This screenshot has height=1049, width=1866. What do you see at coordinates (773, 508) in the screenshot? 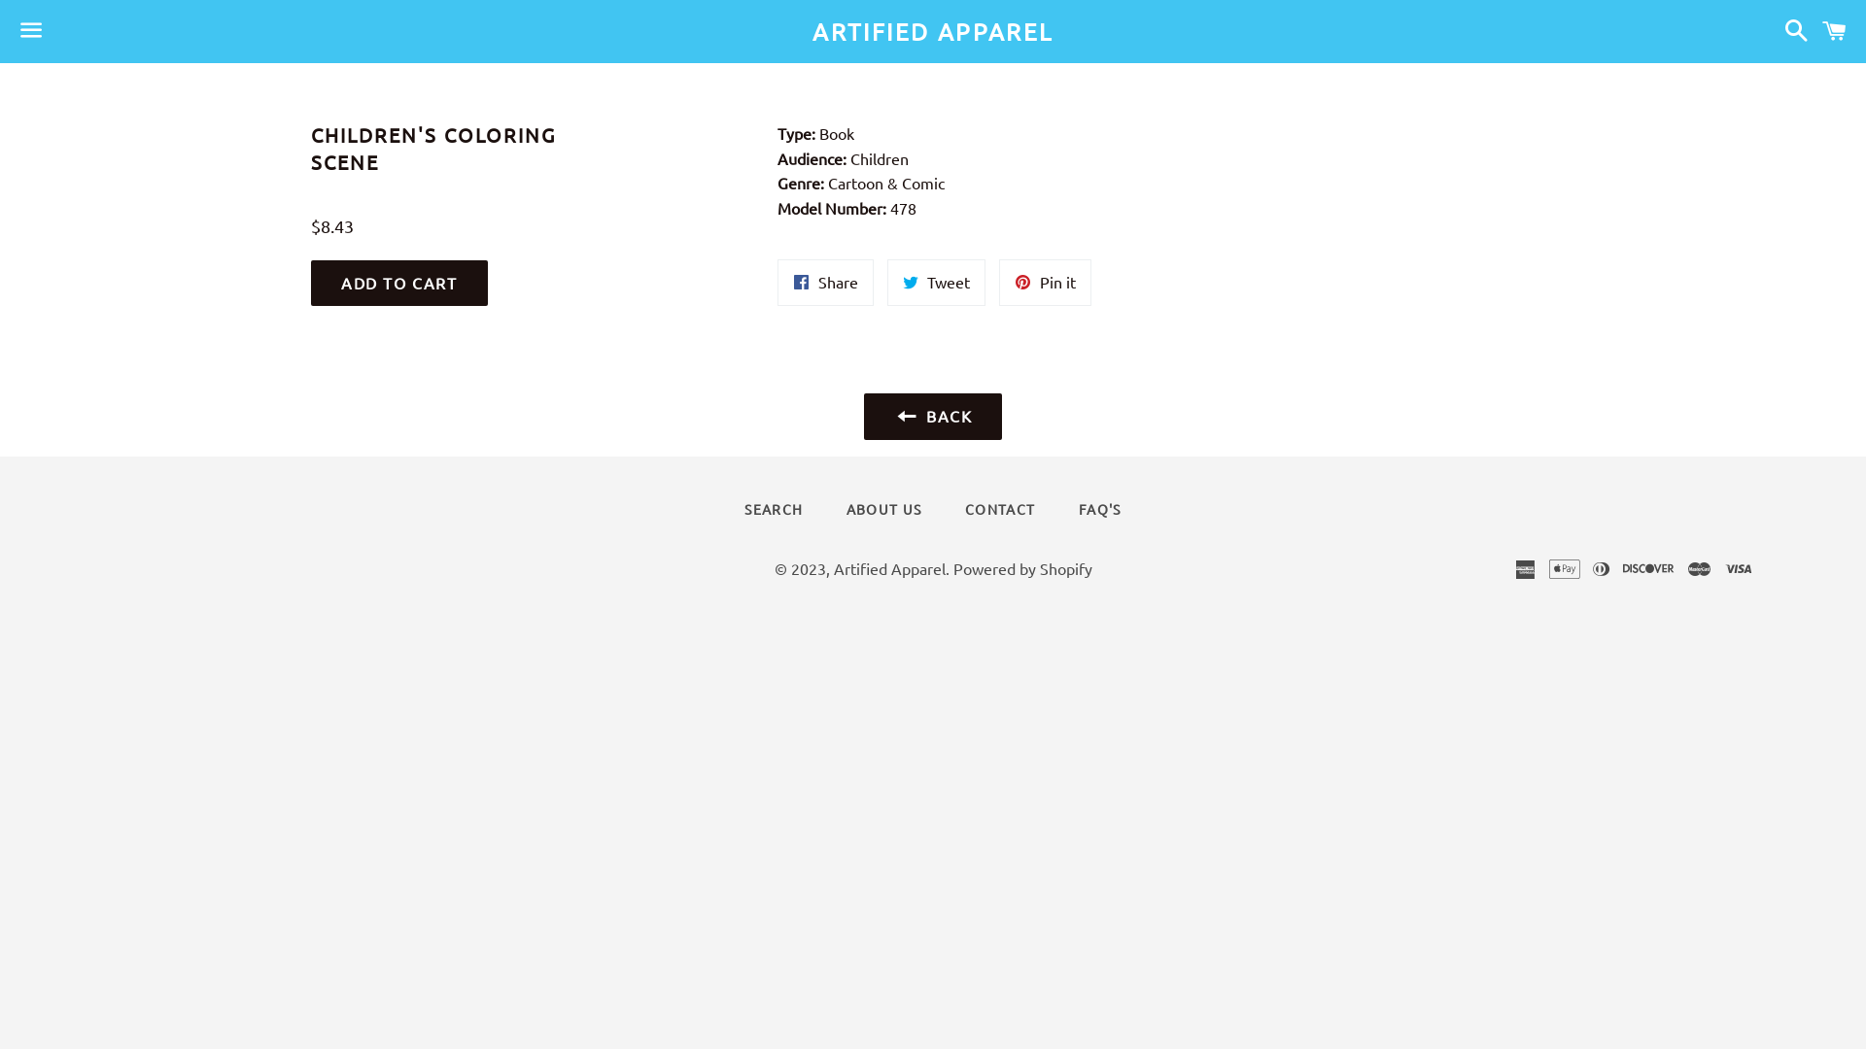
I see `'SEARCH'` at bounding box center [773, 508].